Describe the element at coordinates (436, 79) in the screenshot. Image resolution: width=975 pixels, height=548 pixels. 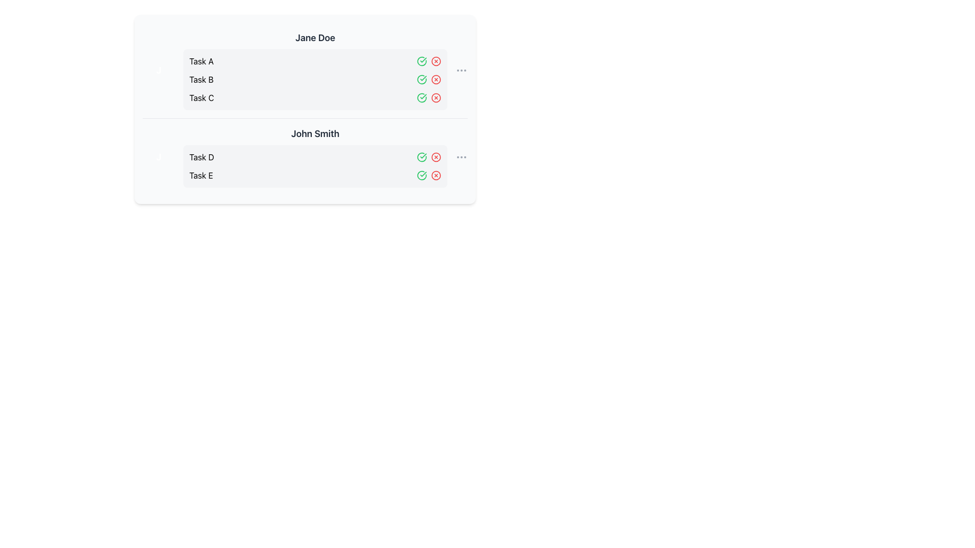
I see `the delete icon located on the far-right side of the task row labeled 'Task B' under the 'Jane Doe' section` at that location.